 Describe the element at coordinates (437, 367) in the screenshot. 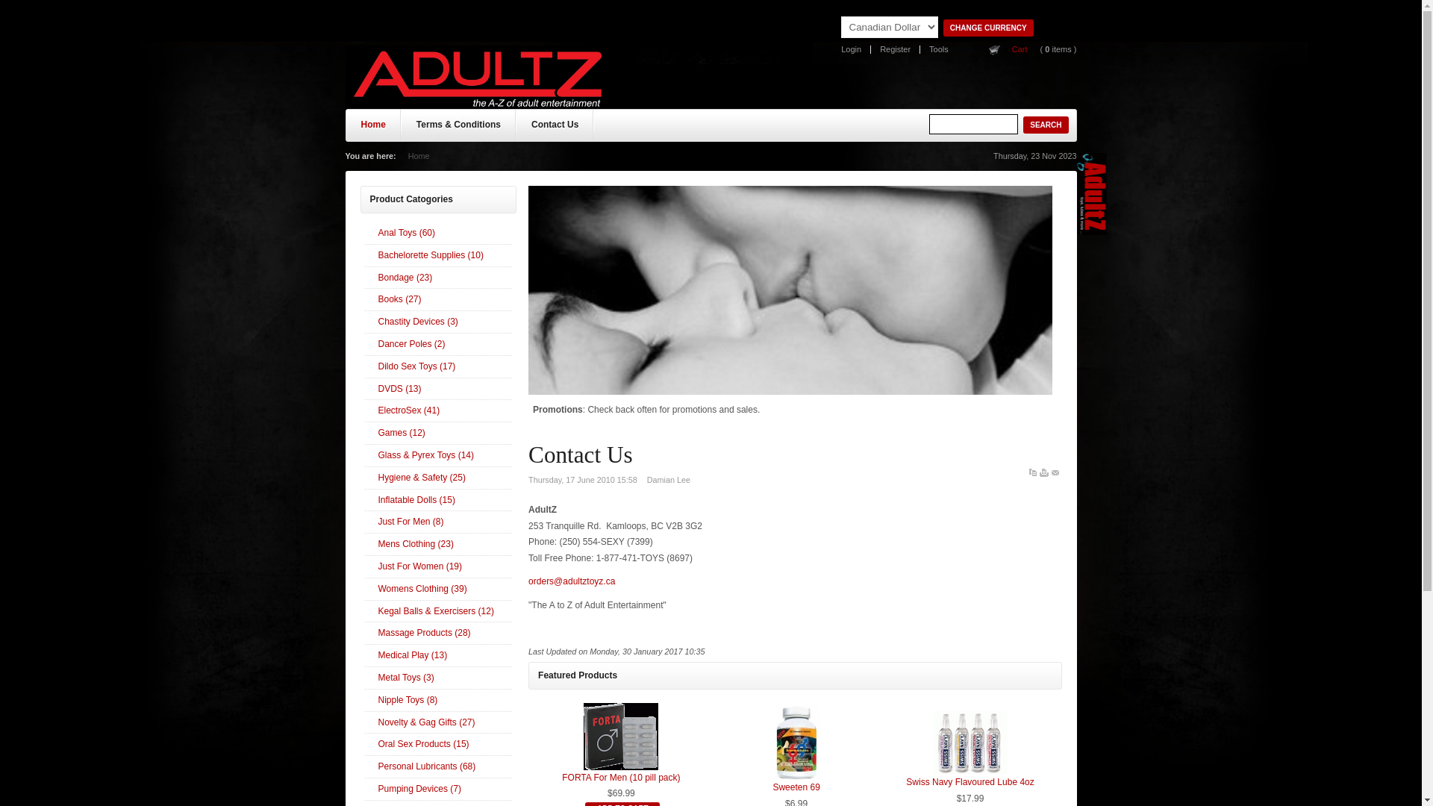

I see `'Dildo Sex Toys (17)'` at that location.